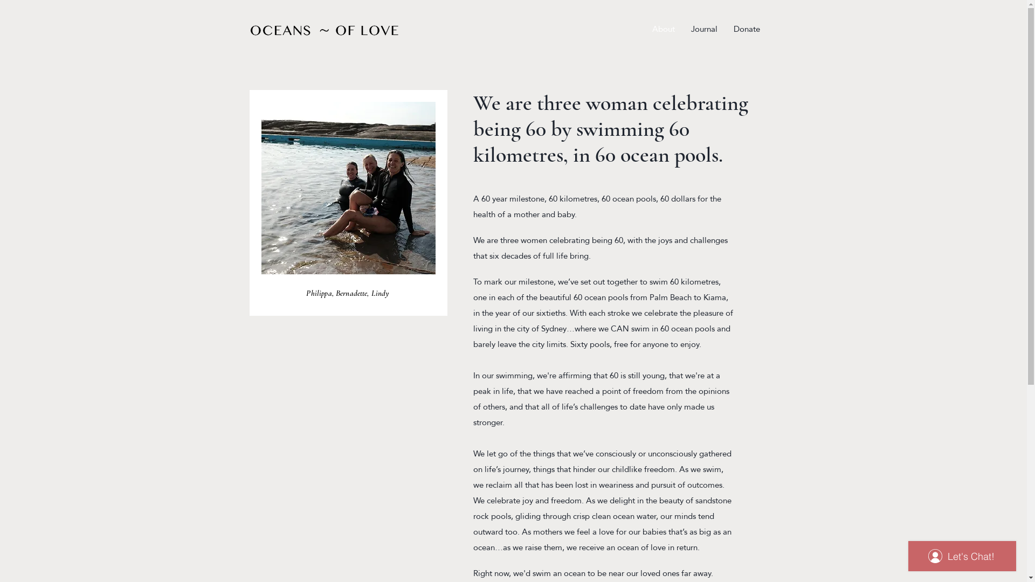 The width and height of the screenshot is (1035, 582). Describe the element at coordinates (644, 29) in the screenshot. I see `'About'` at that location.